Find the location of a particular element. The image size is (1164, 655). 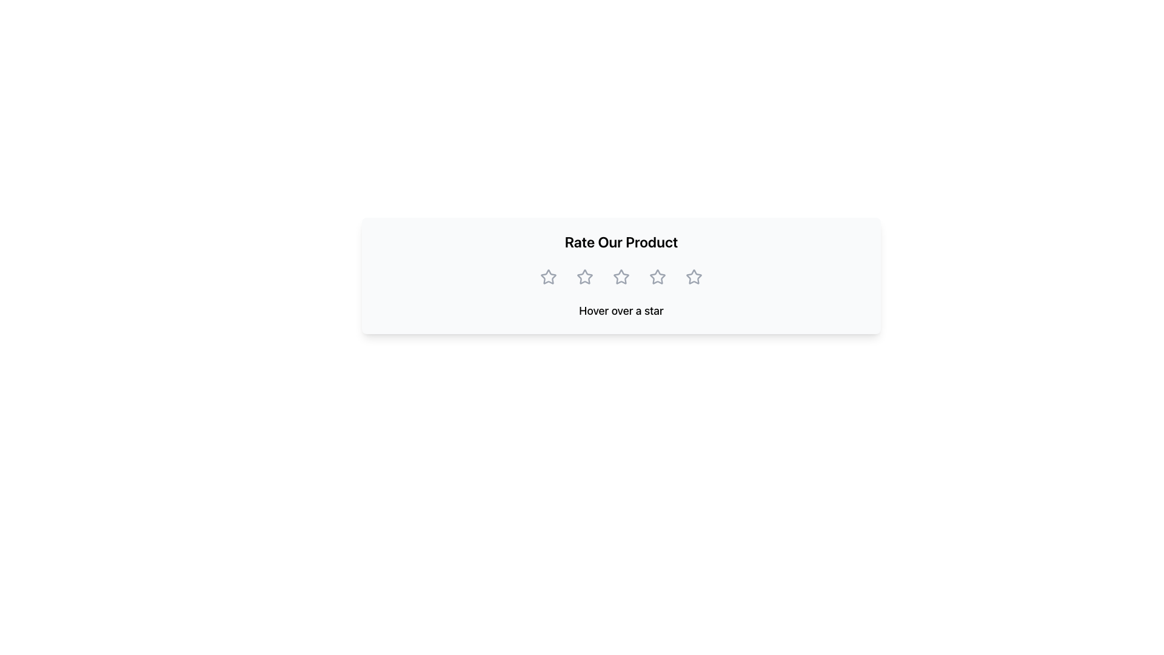

the outlined stars in the Rating component card titled 'Rate Our Product' is located at coordinates (621, 276).